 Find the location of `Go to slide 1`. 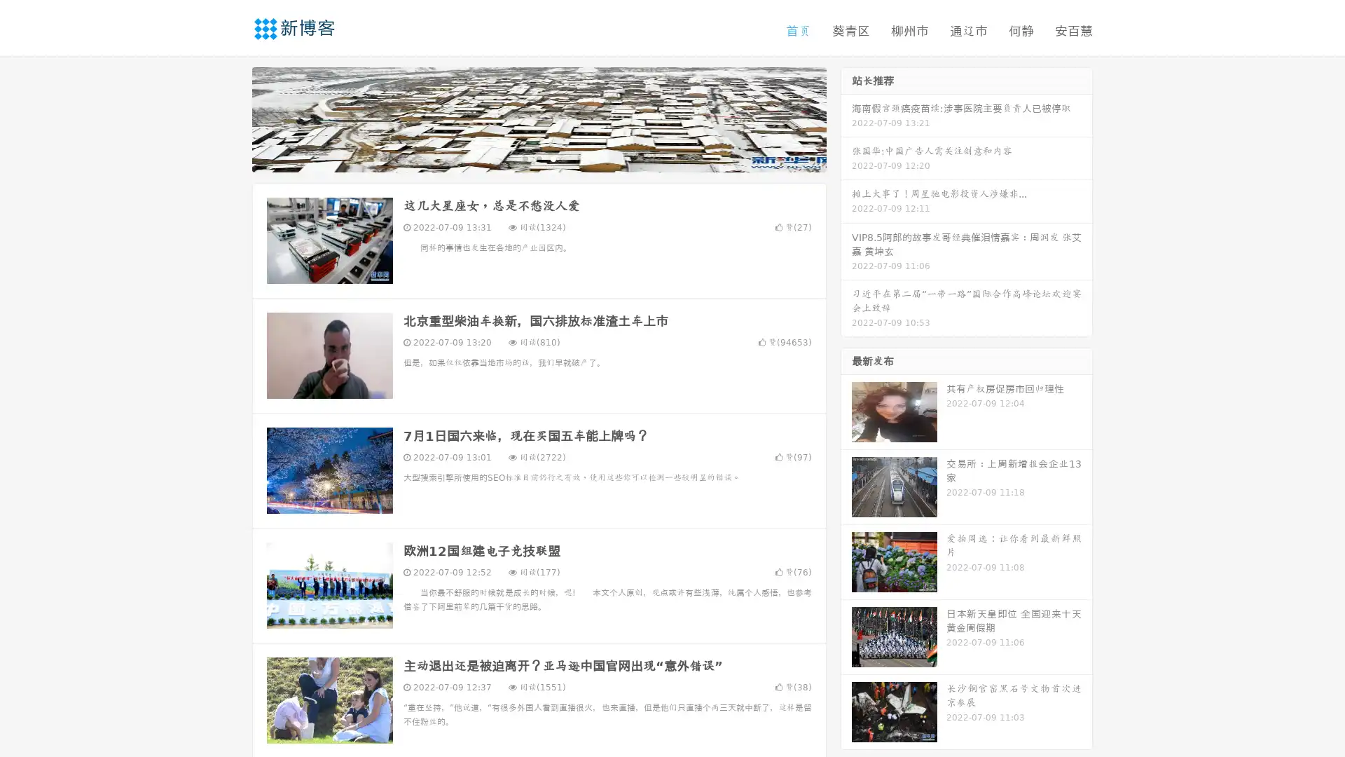

Go to slide 1 is located at coordinates (524, 158).